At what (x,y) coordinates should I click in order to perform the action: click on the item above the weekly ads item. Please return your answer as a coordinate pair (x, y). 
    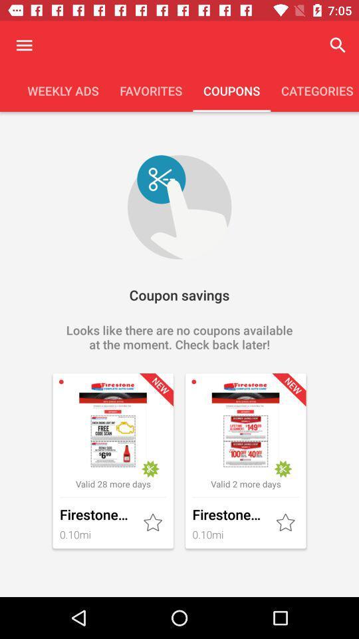
    Looking at the image, I should click on (24, 45).